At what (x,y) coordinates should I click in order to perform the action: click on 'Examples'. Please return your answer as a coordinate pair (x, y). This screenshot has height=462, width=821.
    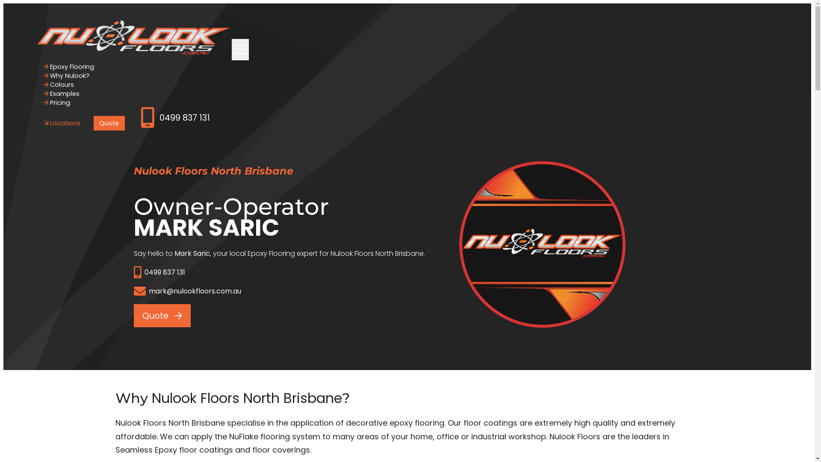
    Looking at the image, I should click on (61, 94).